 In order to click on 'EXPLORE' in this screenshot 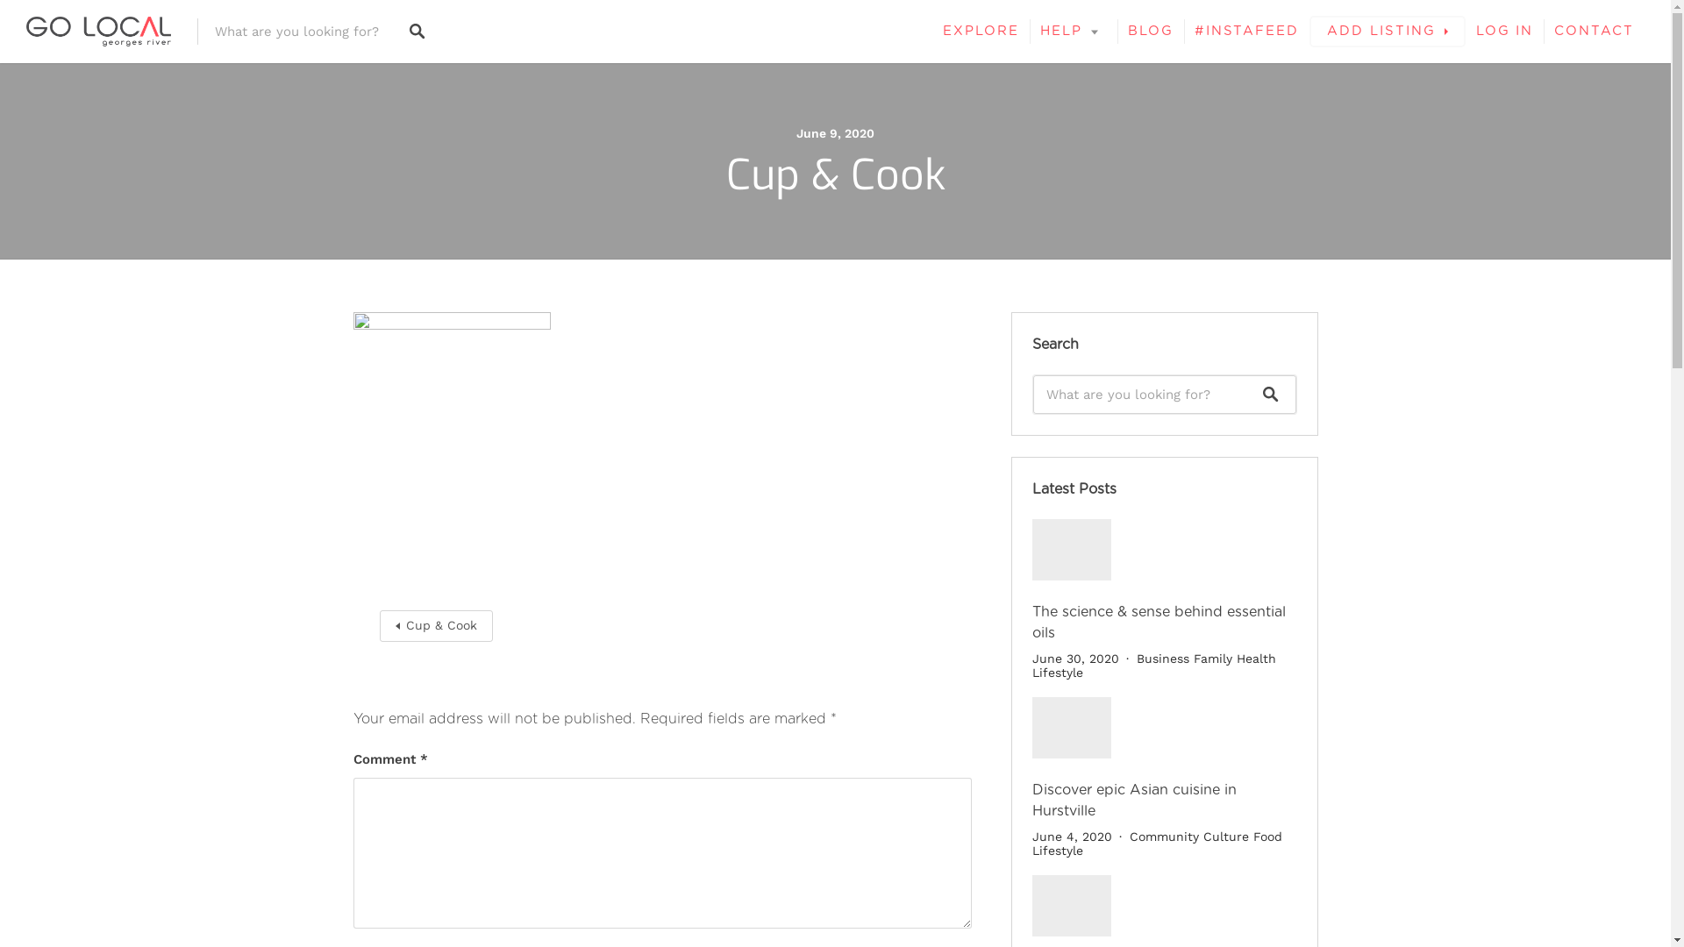, I will do `click(980, 32)`.